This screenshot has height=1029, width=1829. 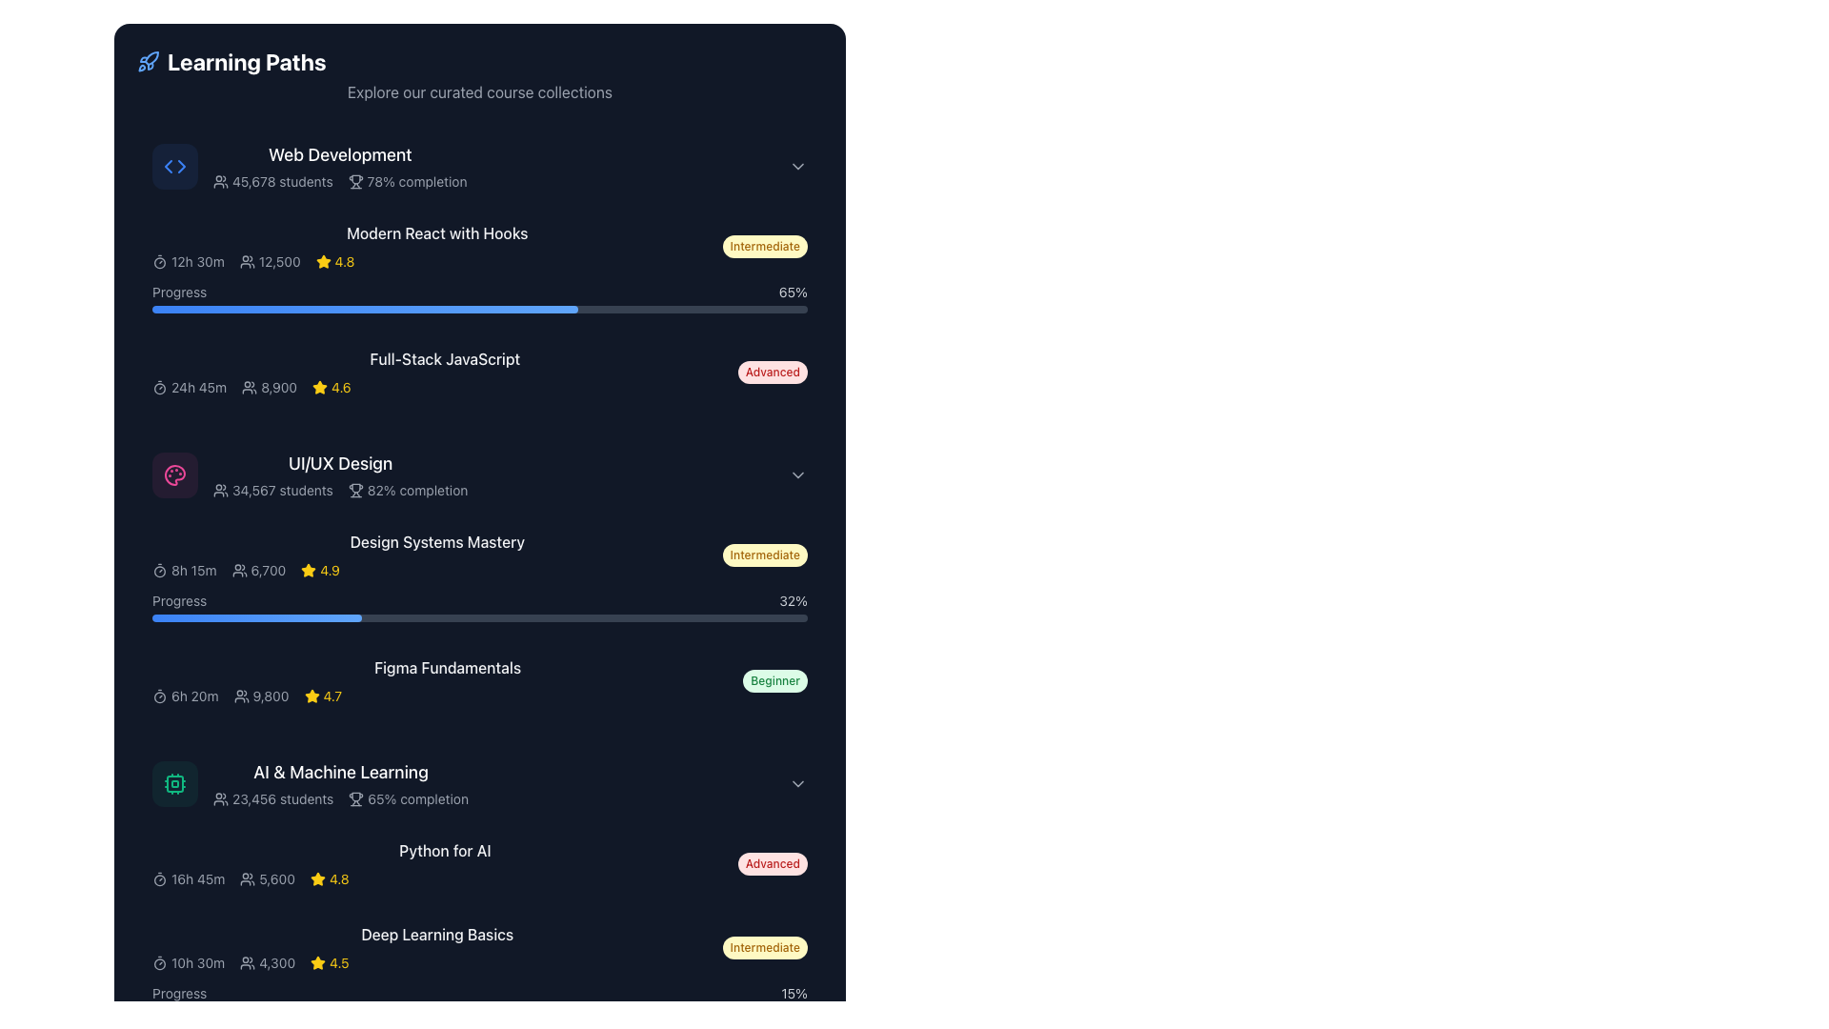 What do you see at coordinates (185, 696) in the screenshot?
I see `the 'Estimated Duration' text with icon indicating the completion time for the 'Figma Fundamentals' section, positioned as the first item on the left within its group` at bounding box center [185, 696].